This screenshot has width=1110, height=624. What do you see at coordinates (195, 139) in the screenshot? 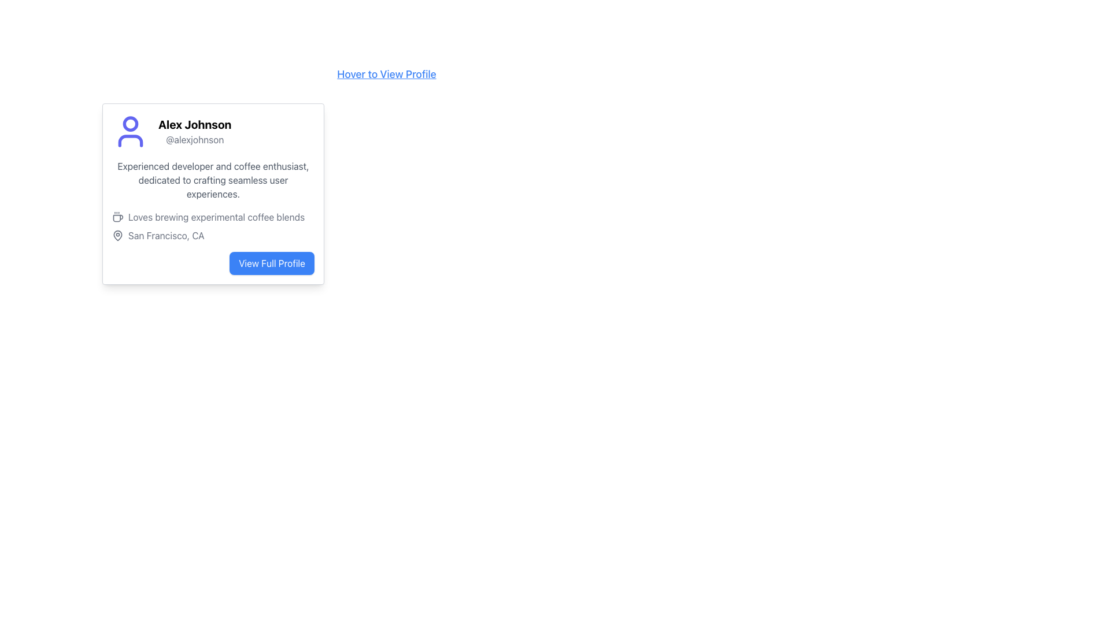
I see `the Text label displaying the username or handle of the individual named in the profile card, positioned below 'Alex Johnson' and above the description text` at bounding box center [195, 139].